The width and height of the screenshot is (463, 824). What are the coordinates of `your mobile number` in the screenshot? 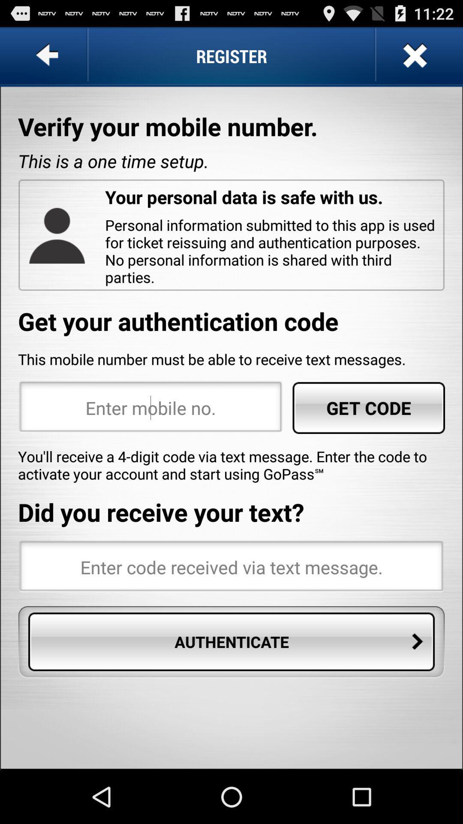 It's located at (150, 407).